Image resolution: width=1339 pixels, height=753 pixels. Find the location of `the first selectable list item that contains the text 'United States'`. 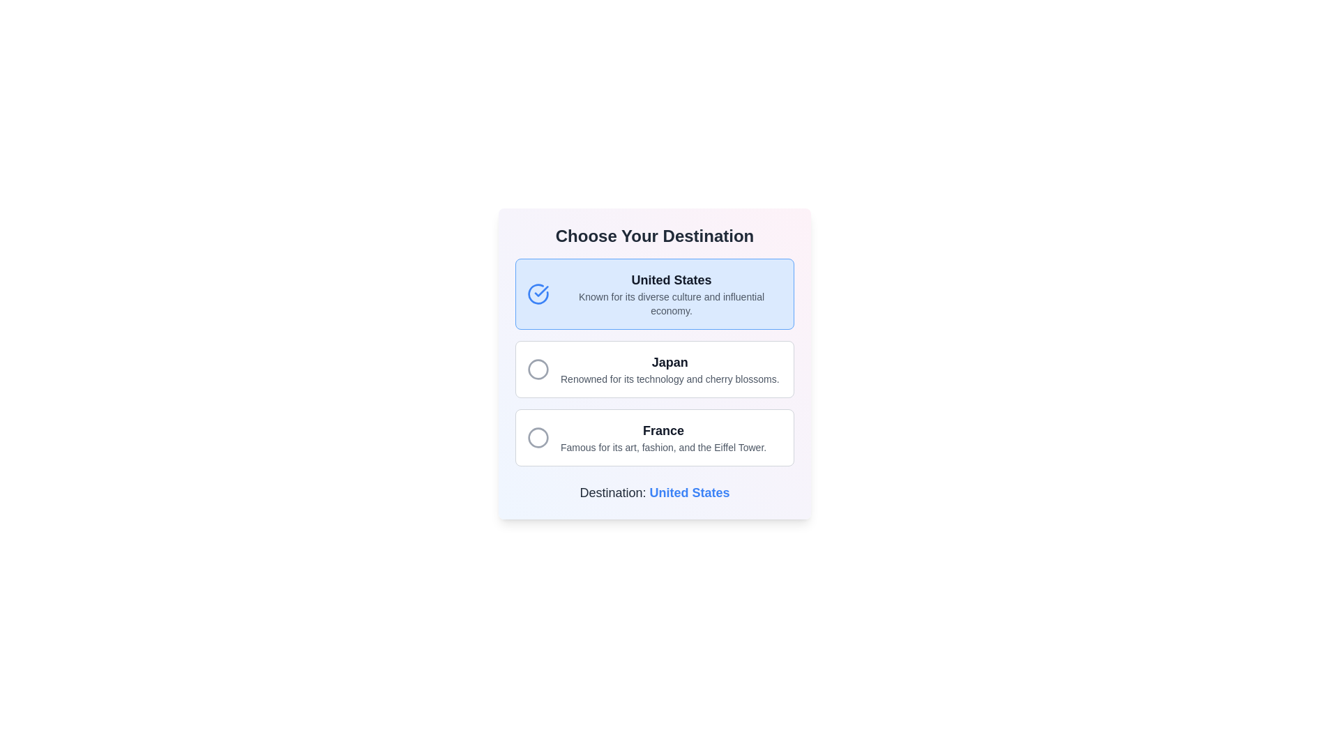

the first selectable list item that contains the text 'United States' is located at coordinates (672, 293).